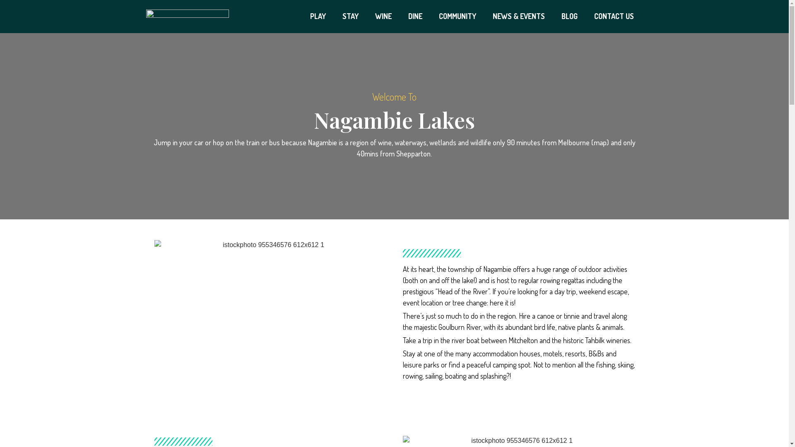 The height and width of the screenshot is (447, 795). What do you see at coordinates (301, 16) in the screenshot?
I see `'PLAY'` at bounding box center [301, 16].